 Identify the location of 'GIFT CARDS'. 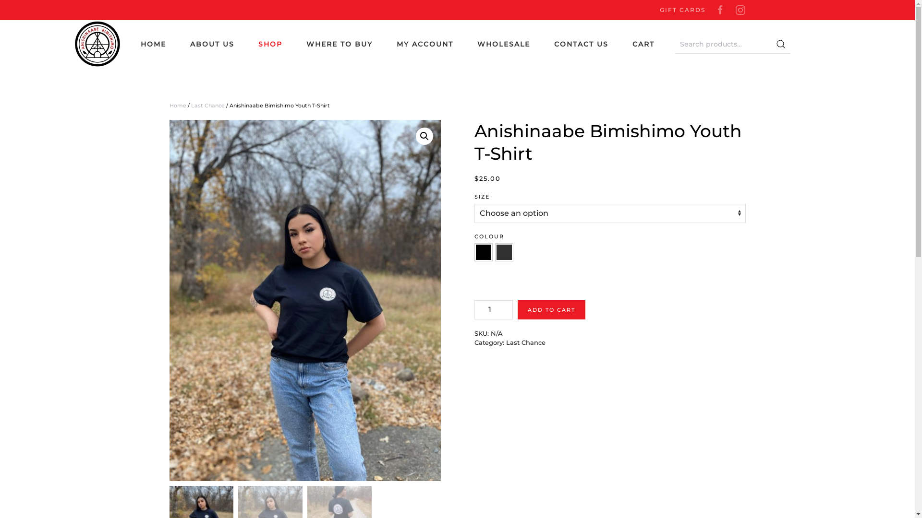
(682, 10).